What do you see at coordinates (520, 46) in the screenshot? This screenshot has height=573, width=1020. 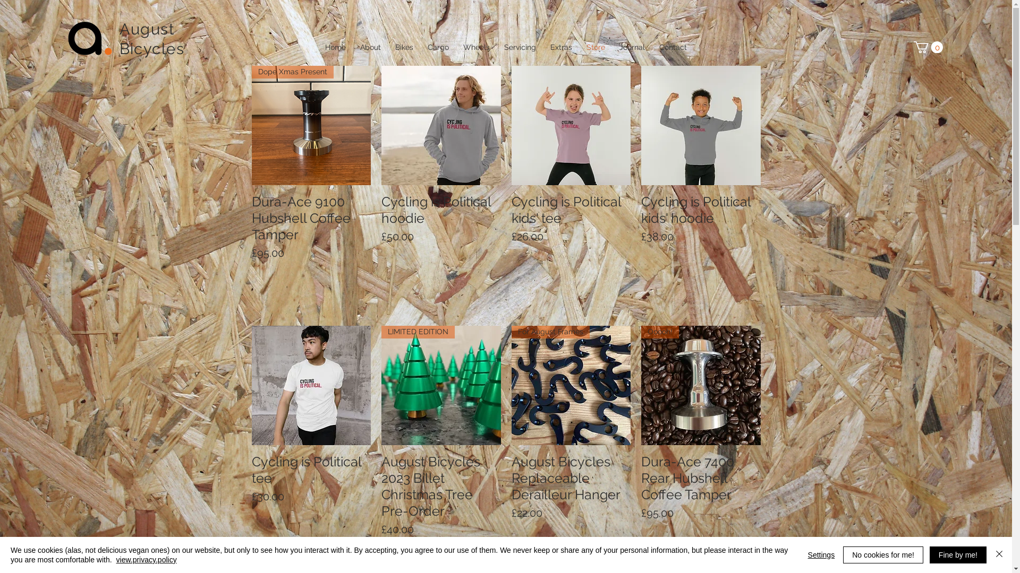 I see `'Servicing'` at bounding box center [520, 46].